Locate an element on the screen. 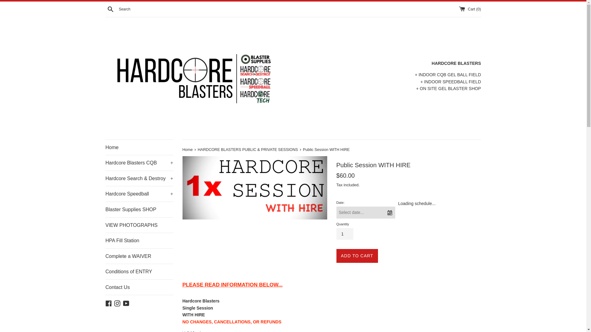 The height and width of the screenshot is (332, 591). 'Blaster Supplies SHOP' is located at coordinates (139, 209).